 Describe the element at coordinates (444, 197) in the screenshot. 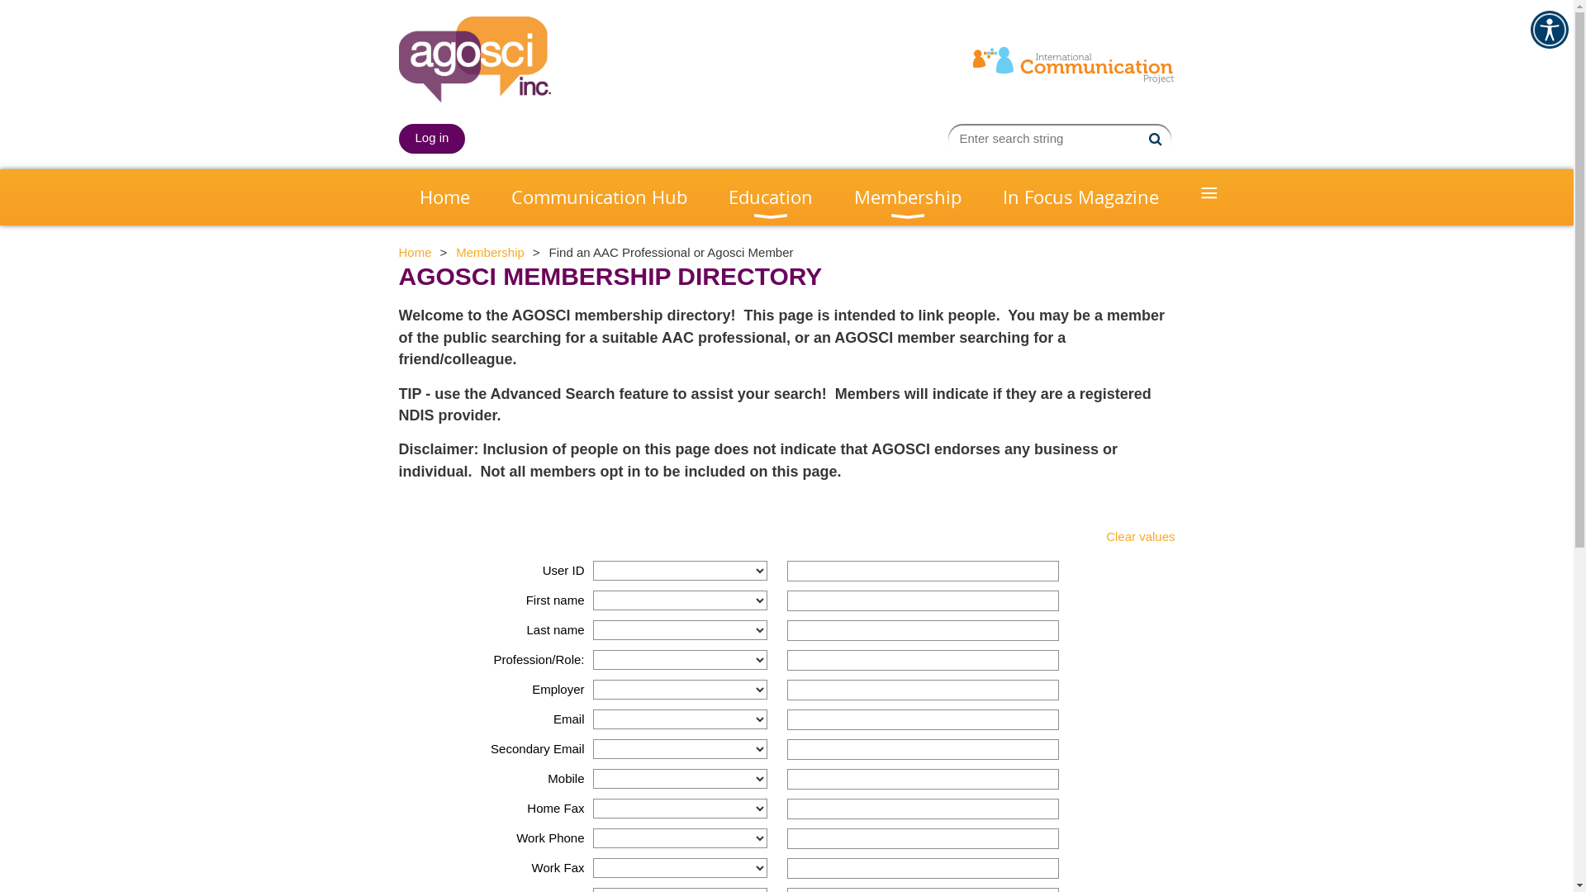

I see `'Home'` at that location.